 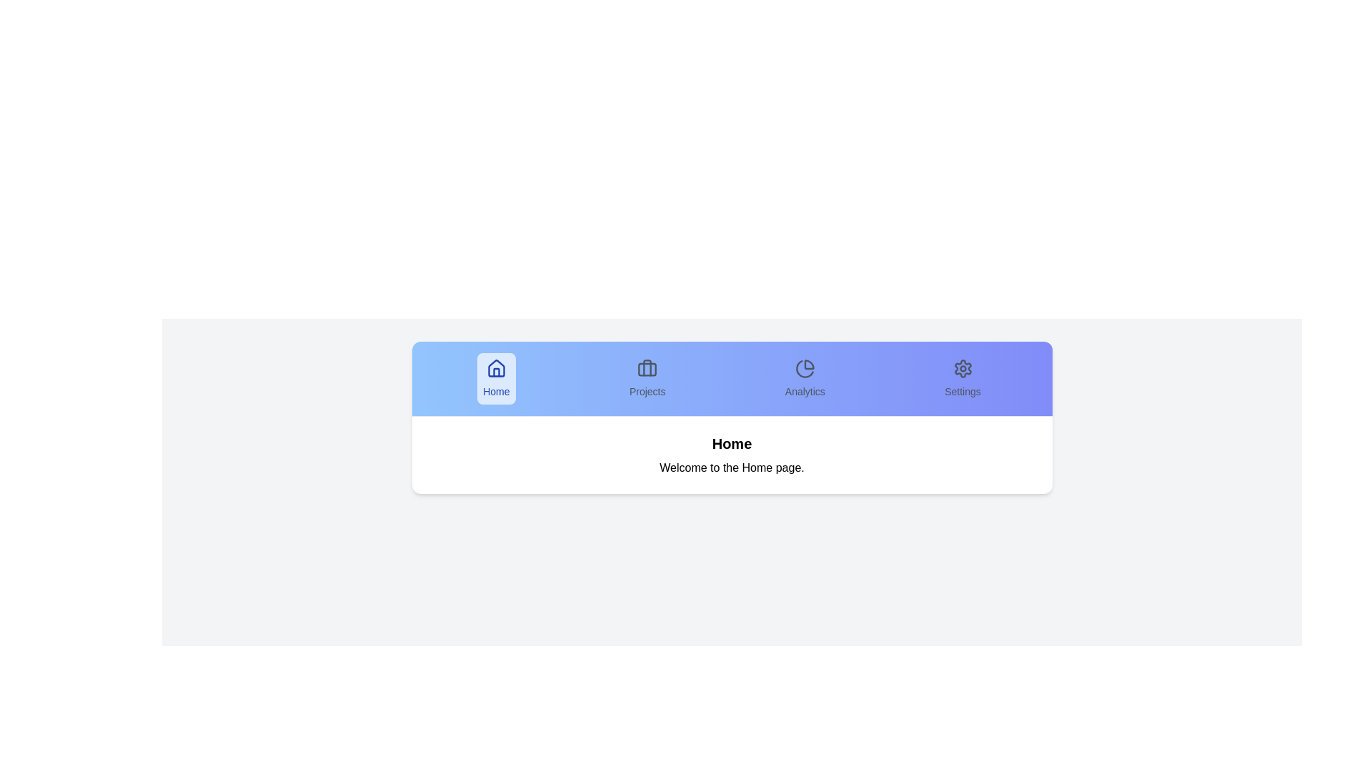 What do you see at coordinates (963, 377) in the screenshot?
I see `the Settings tab by clicking on it` at bounding box center [963, 377].